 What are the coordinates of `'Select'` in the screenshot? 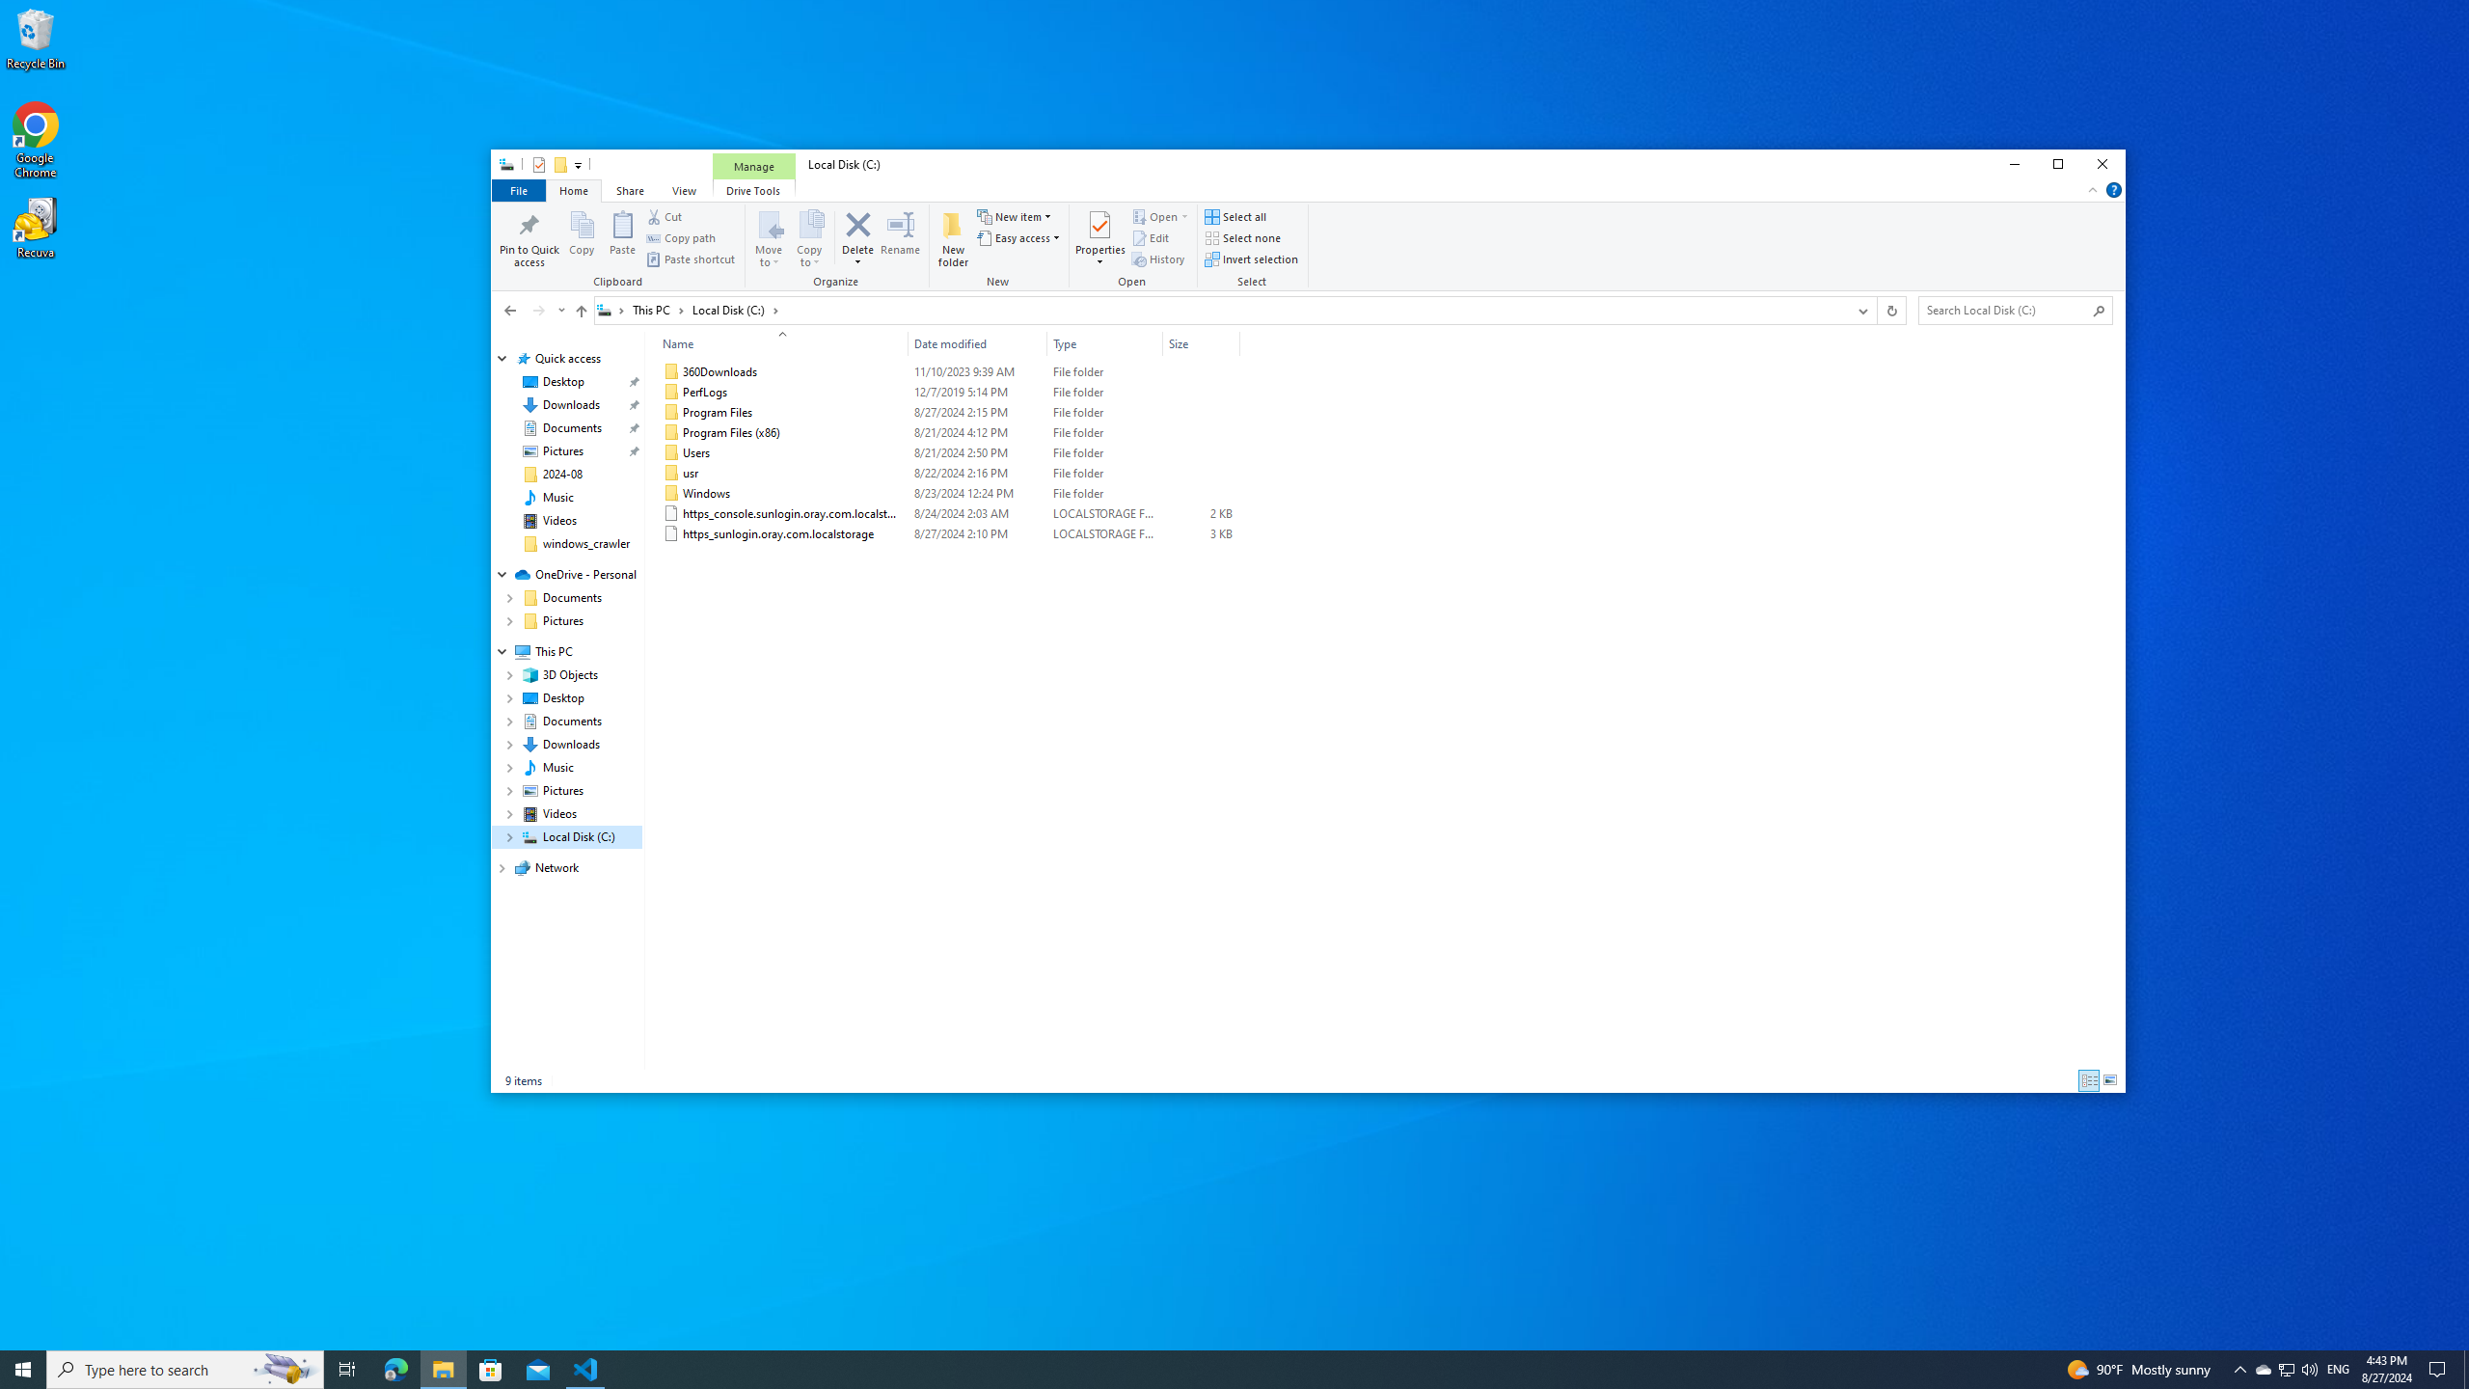 It's located at (1254, 247).